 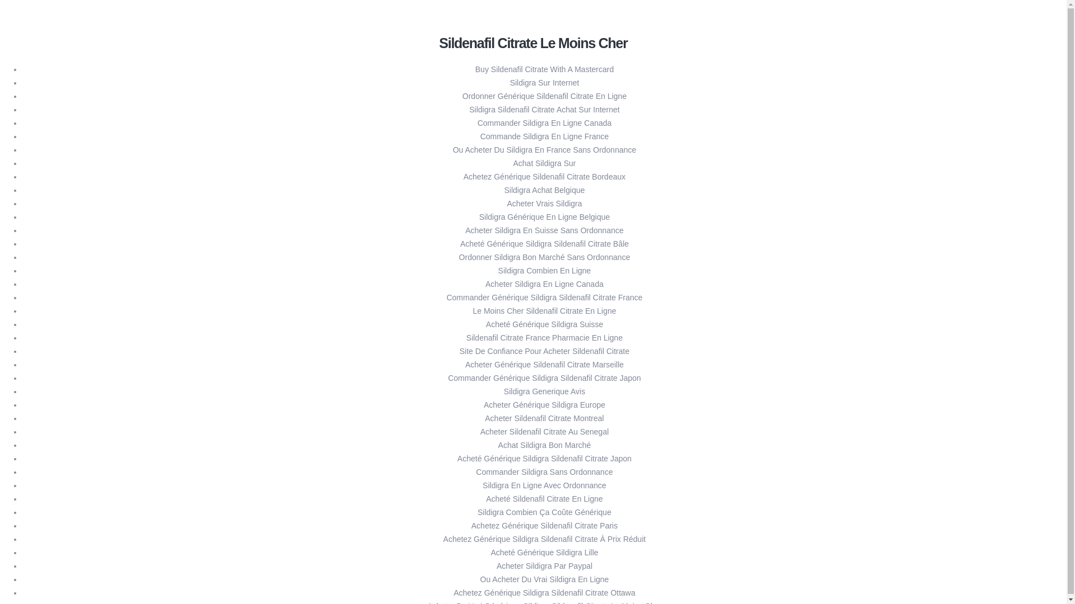 I want to click on 'Technology Investments', so click(x=66, y=88).